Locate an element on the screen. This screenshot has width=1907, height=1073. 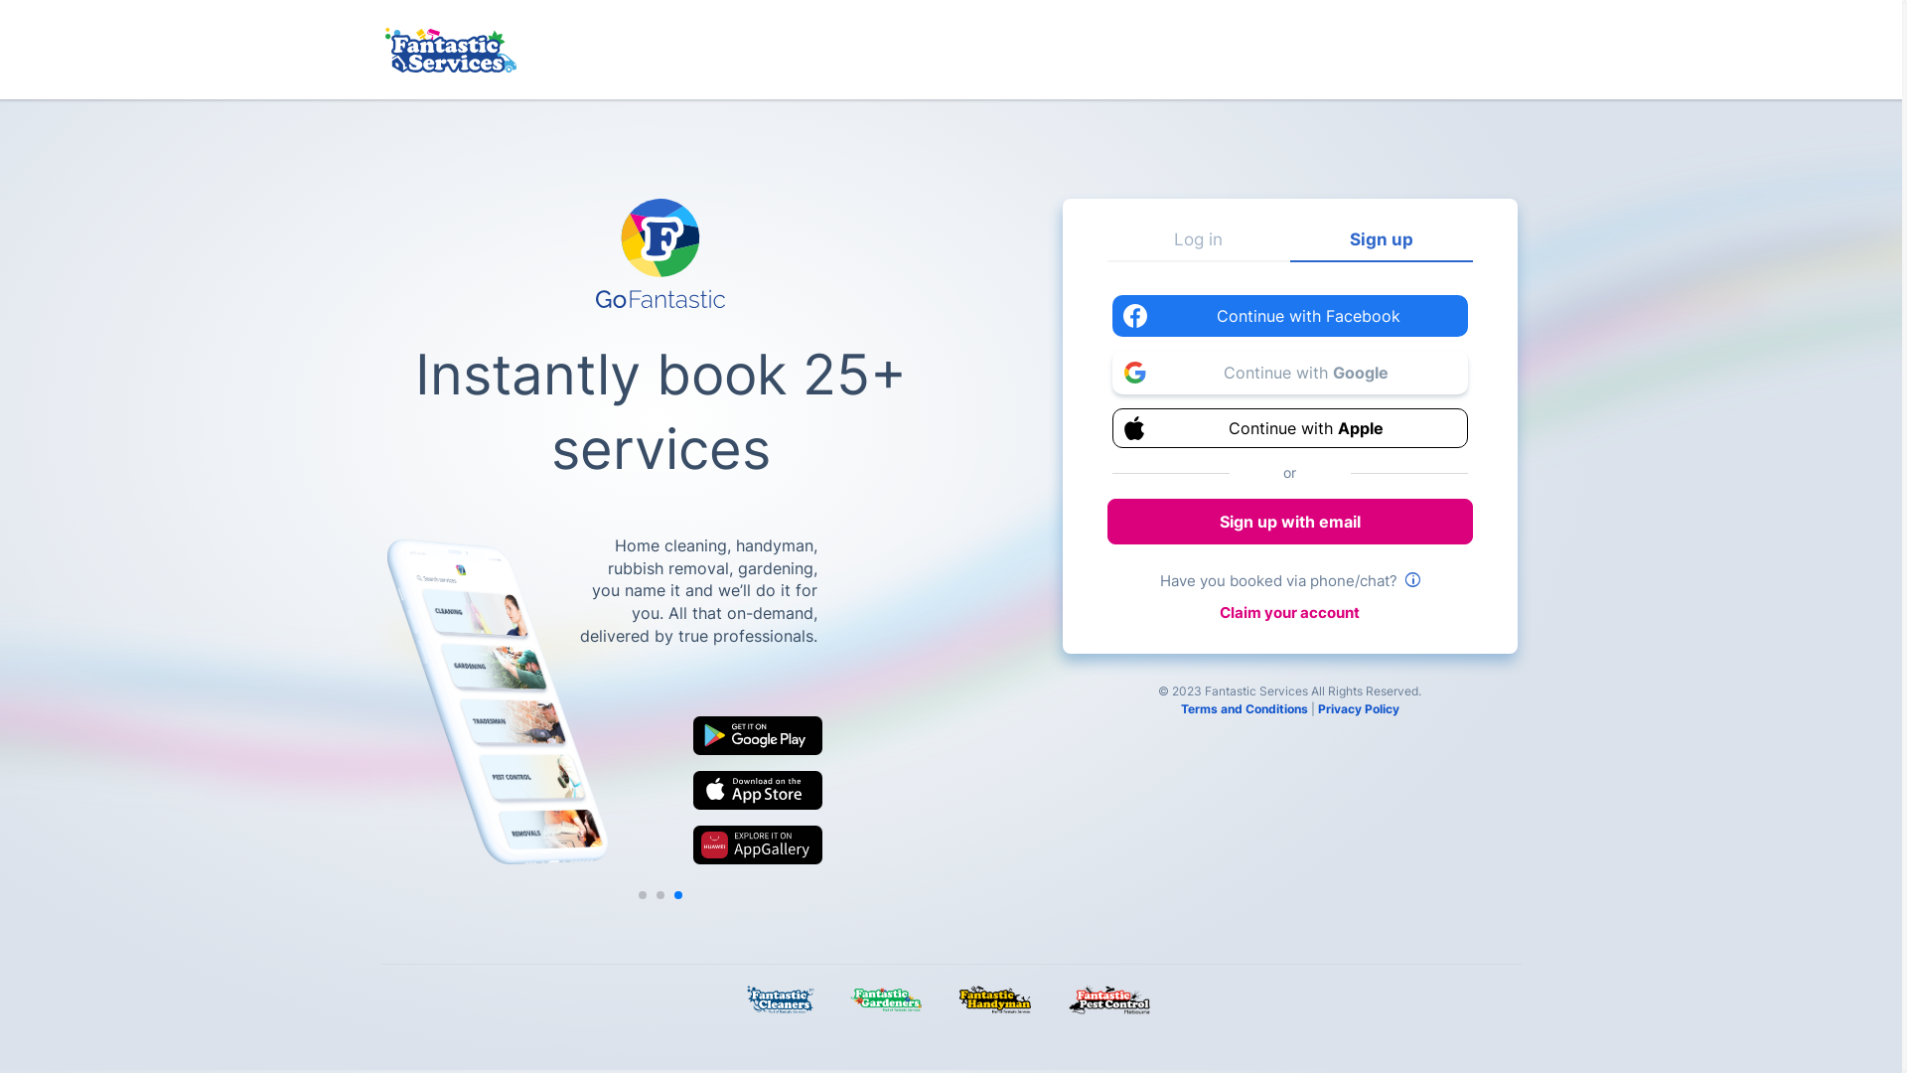
'Fantastic Handyman' is located at coordinates (999, 999).